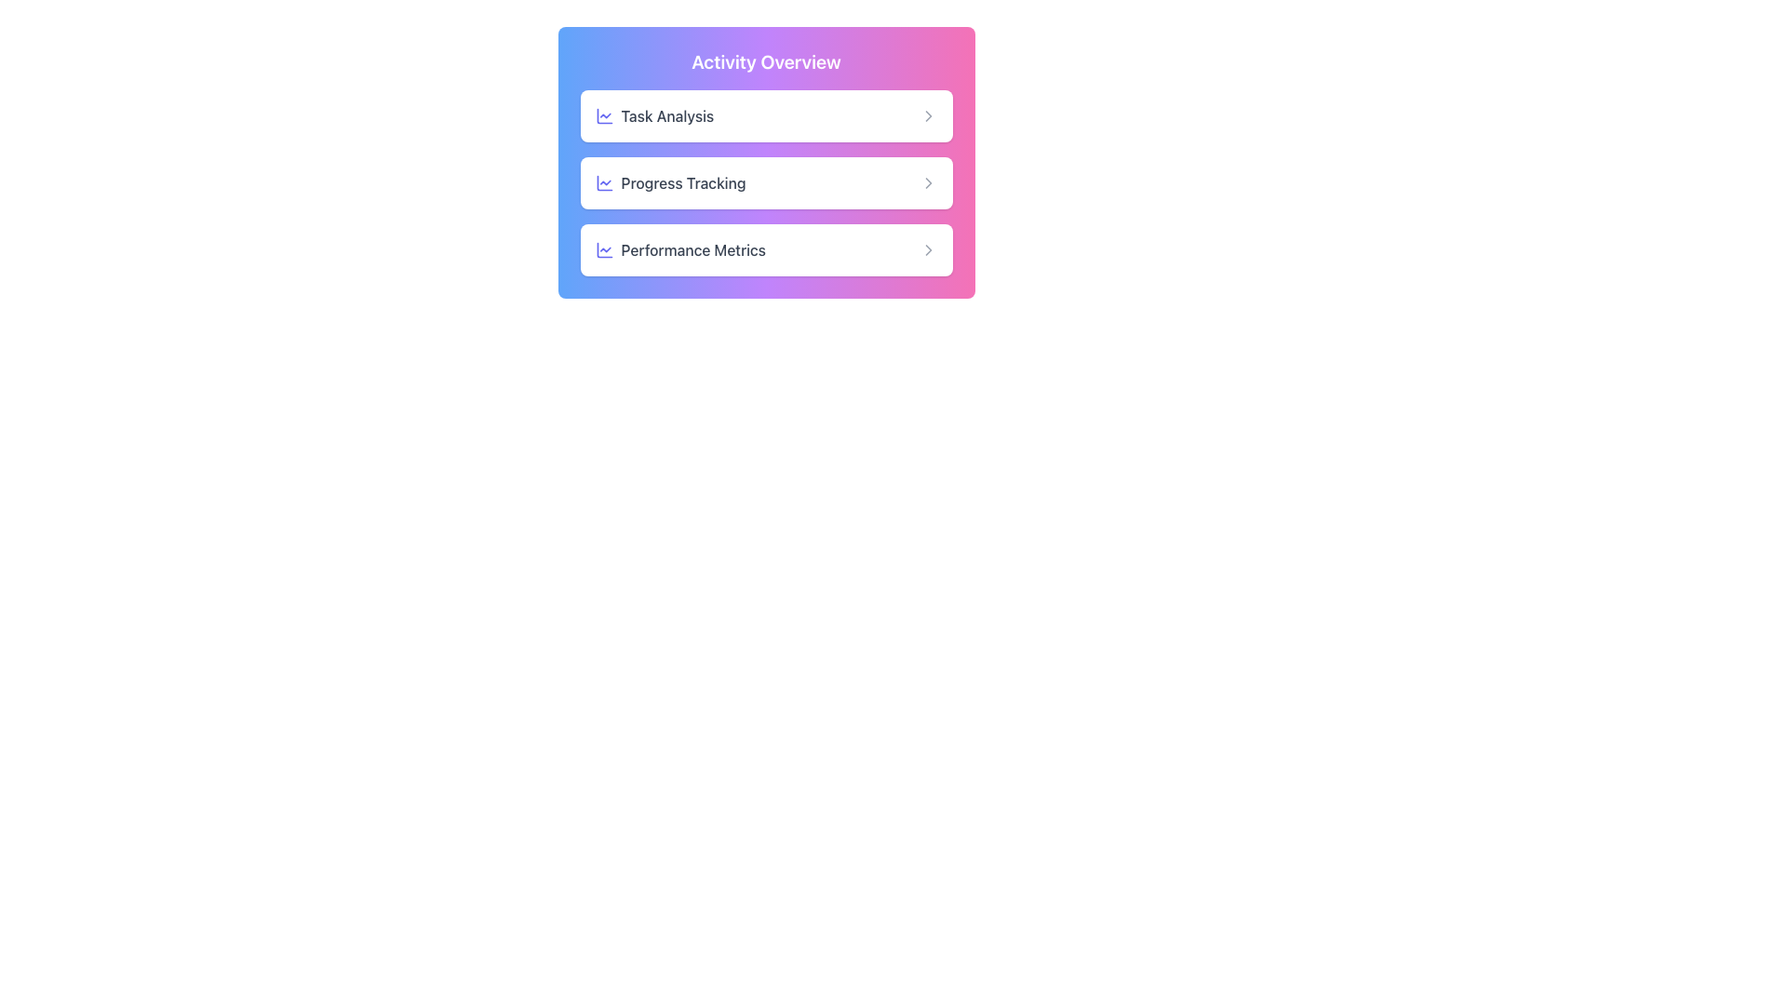 Image resolution: width=1787 pixels, height=1005 pixels. I want to click on the right-pointing chevron icon located to the far right within the 'Progress Tracking' button under the 'Activity Overview' header, so click(928, 182).